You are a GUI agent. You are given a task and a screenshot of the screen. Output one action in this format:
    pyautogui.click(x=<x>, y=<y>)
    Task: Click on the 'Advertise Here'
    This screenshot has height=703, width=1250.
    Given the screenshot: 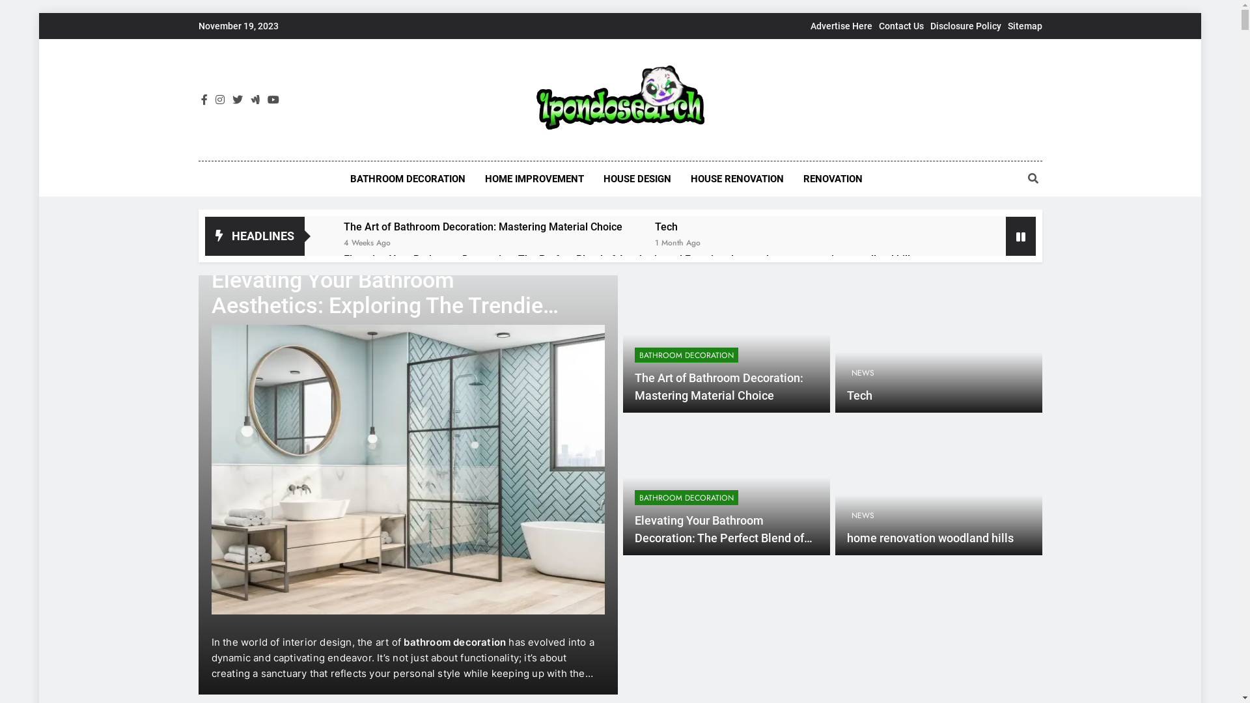 What is the action you would take?
    pyautogui.click(x=840, y=25)
    